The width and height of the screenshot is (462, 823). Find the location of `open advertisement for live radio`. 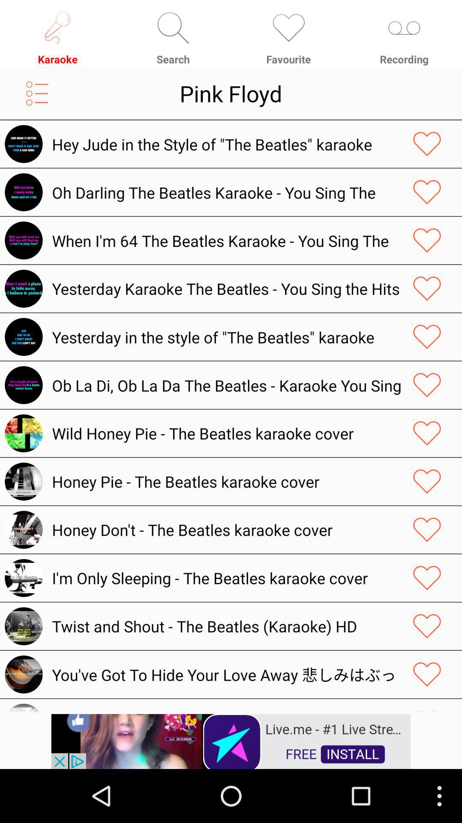

open advertisement for live radio is located at coordinates (231, 740).